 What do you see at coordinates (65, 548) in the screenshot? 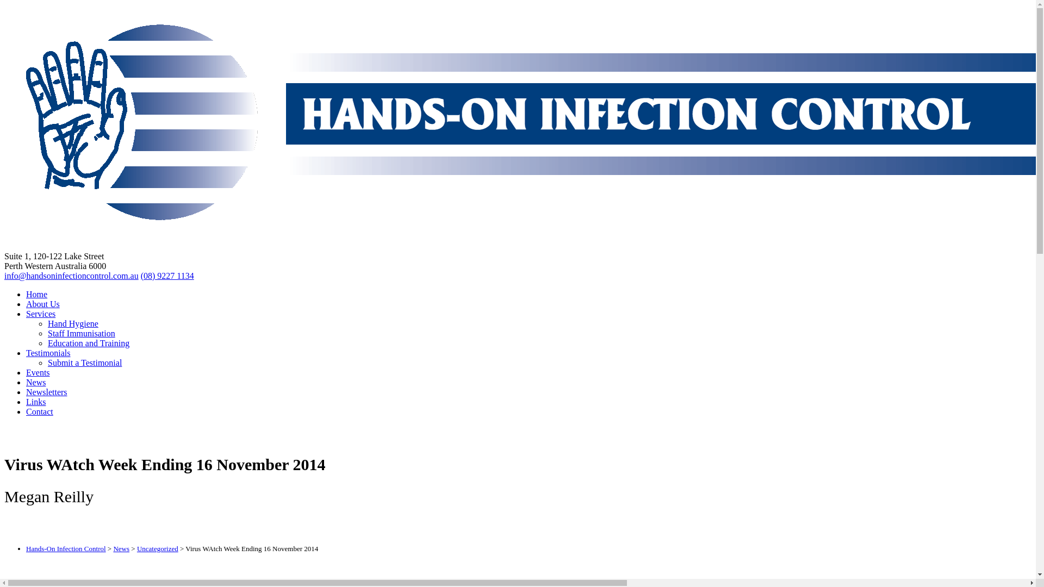
I see `'Hands-On Infection Control'` at bounding box center [65, 548].